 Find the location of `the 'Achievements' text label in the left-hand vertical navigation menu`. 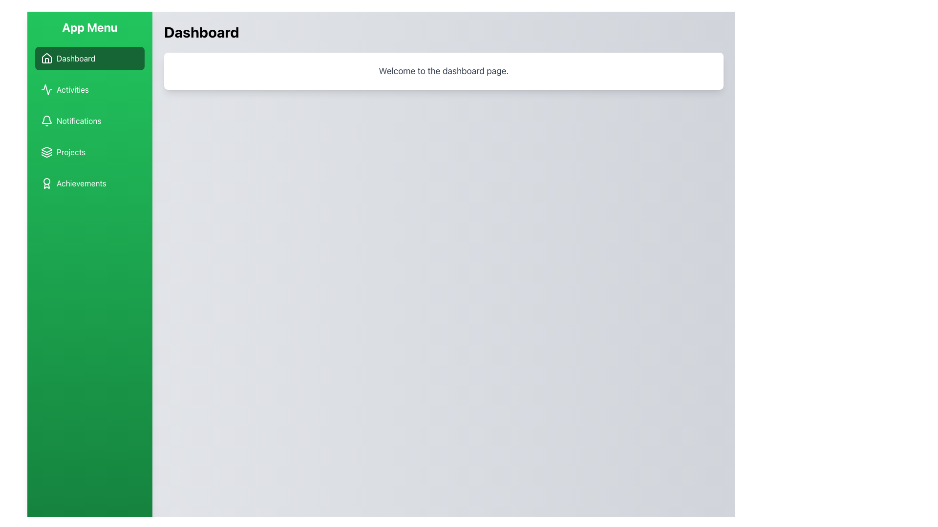

the 'Achievements' text label in the left-hand vertical navigation menu is located at coordinates (81, 183).